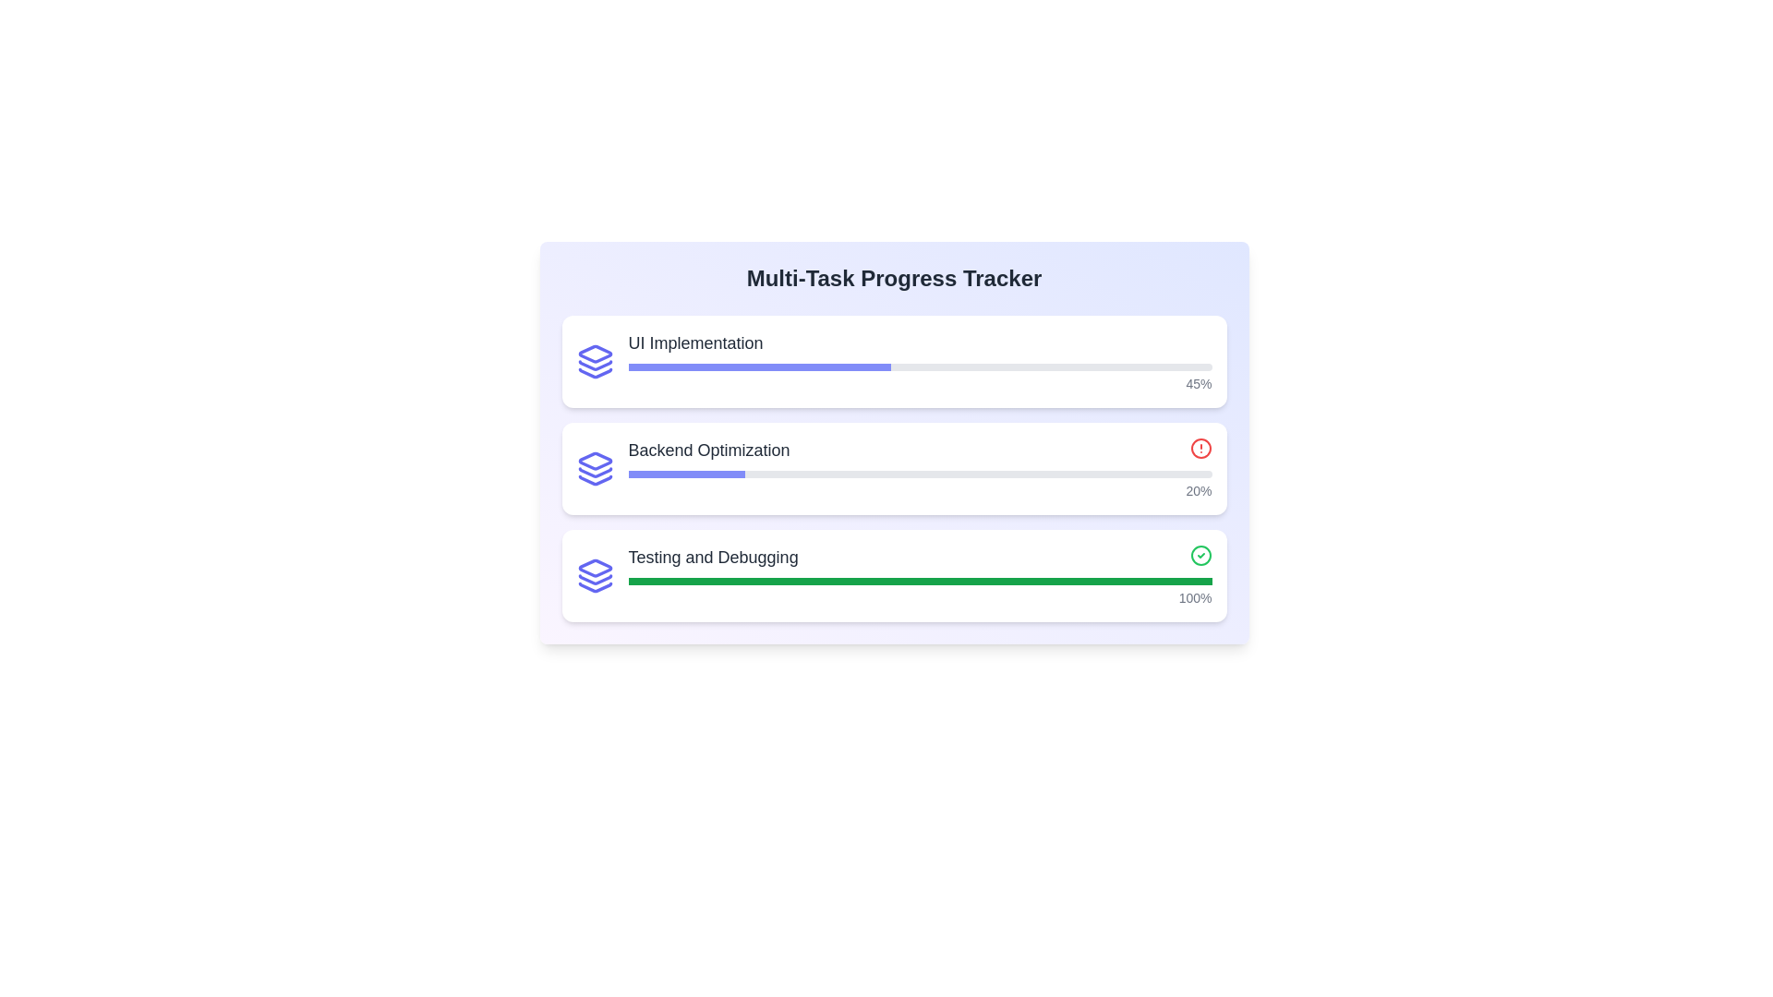 This screenshot has width=1773, height=997. Describe the element at coordinates (595, 472) in the screenshot. I see `the second layer of the stacked icon, which is positioned between the top and bottom layers` at that location.